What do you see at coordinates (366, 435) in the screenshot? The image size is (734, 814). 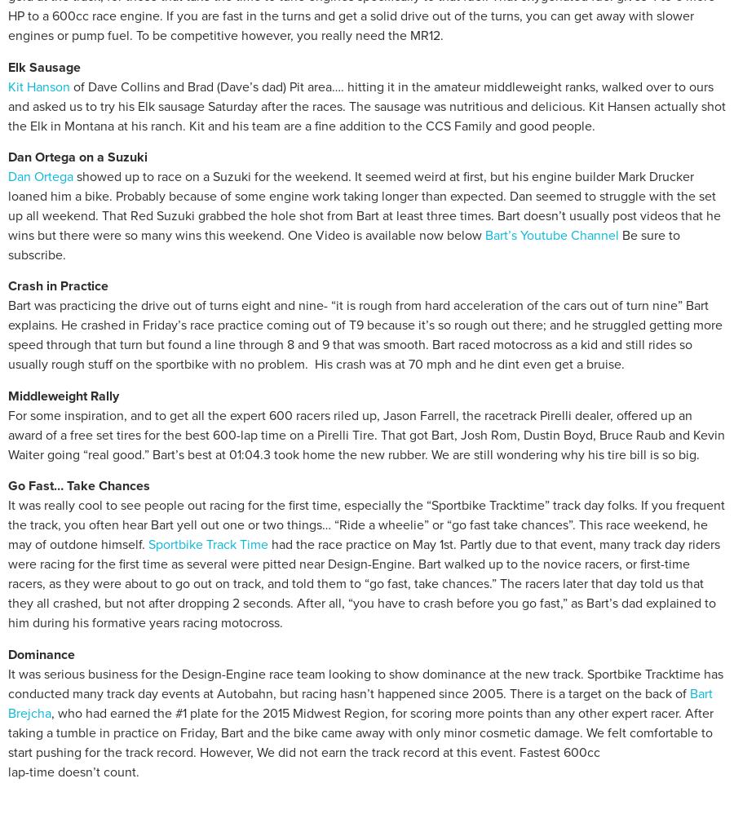 I see `'For some inspiration, and to get all the expert 600 racers riled up, Jason Farrell, the racetrack Pirelli dealer, offered up an award of a free set tires for the best 600-lap time on a Pirelli Tire. That got Bart, Josh Rom, Dustin Boyd, Bruce Raub and Kevin Waiter going “real good.” Bart’s best at 01:04.3 took home the new rubber. We are still wondering why his tire bill is so big.'` at bounding box center [366, 435].